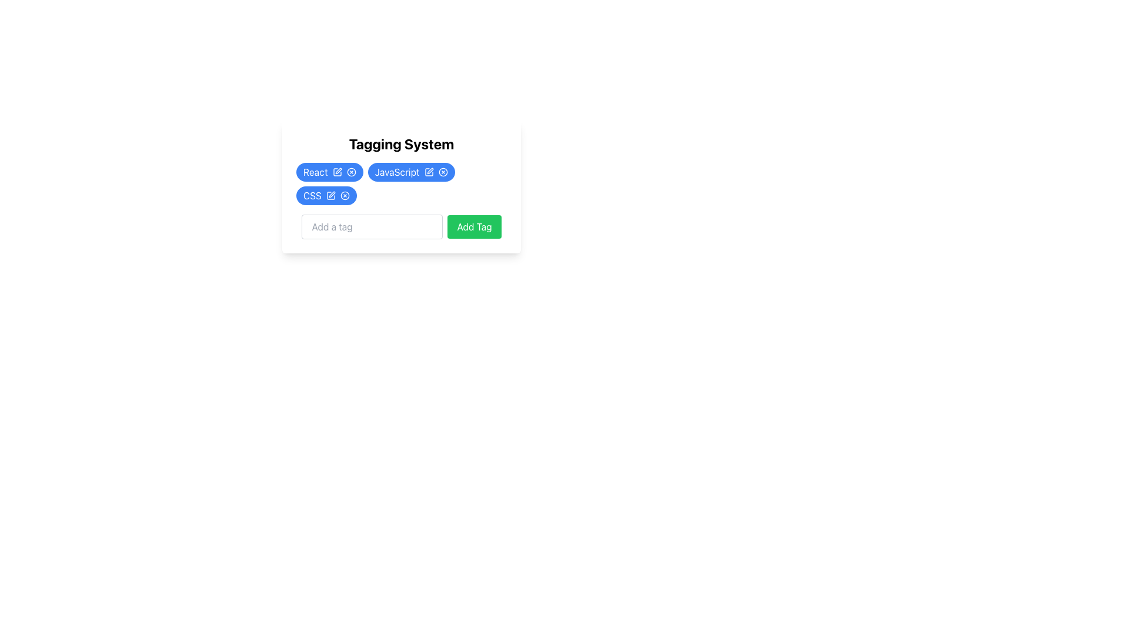 The height and width of the screenshot is (635, 1129). What do you see at coordinates (442, 172) in the screenshot?
I see `the circular icon with a cross inside, styled with a border, located at the far right end of the 'JavaScript' tag` at bounding box center [442, 172].